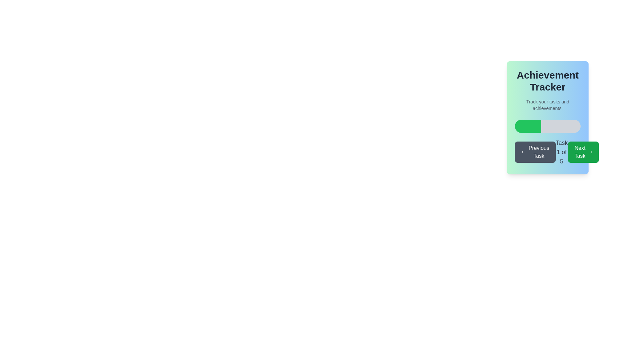 The image size is (637, 358). What do you see at coordinates (547, 152) in the screenshot?
I see `the 'Previous Task' button located on the left side of the Navigation Bar` at bounding box center [547, 152].